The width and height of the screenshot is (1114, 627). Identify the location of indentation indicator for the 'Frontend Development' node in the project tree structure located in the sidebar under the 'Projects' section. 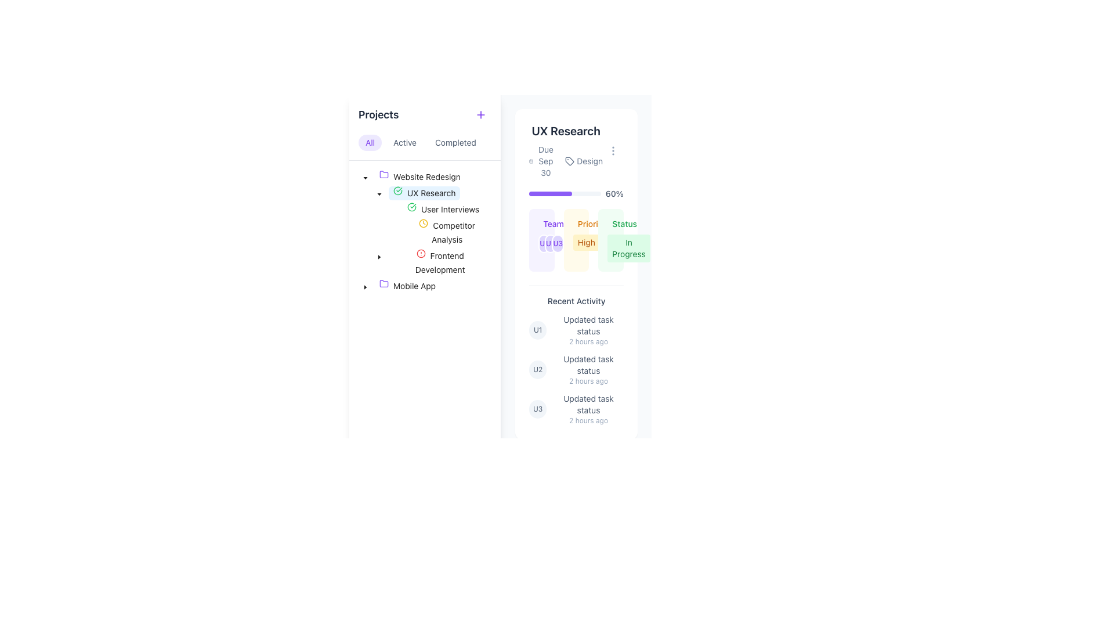
(364, 262).